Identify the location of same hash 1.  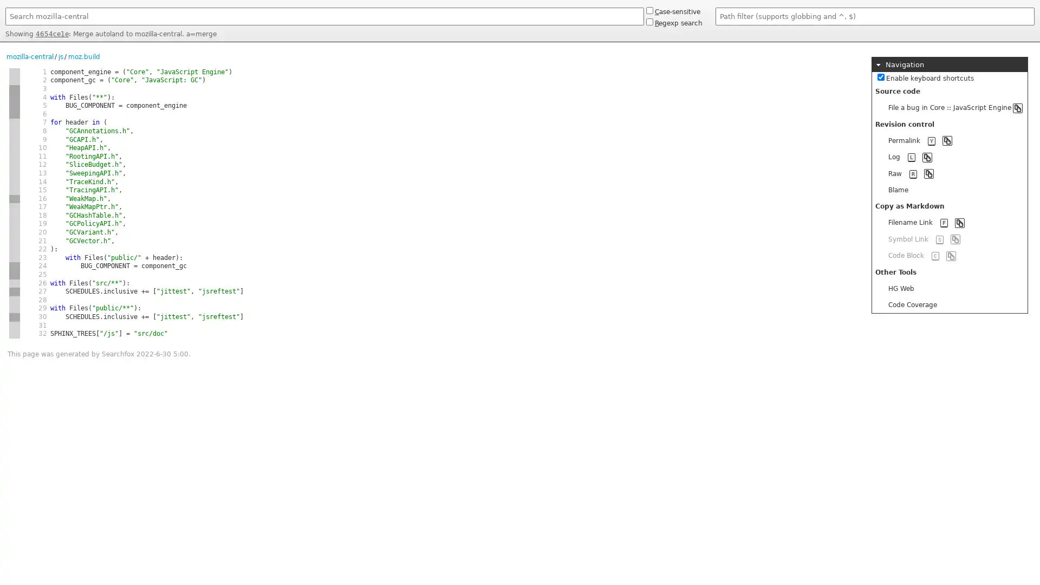
(15, 257).